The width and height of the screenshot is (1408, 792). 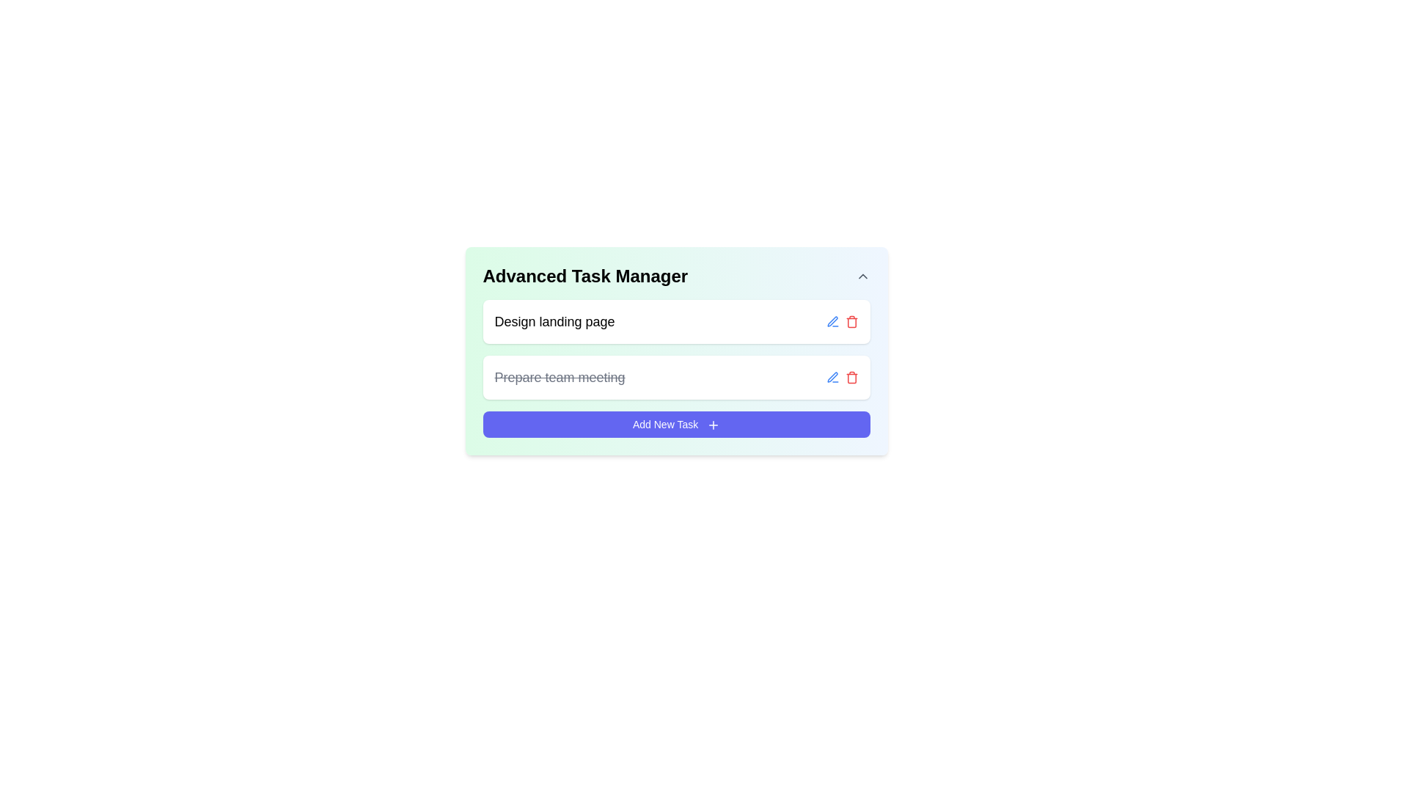 I want to click on to select the uppermost task entry in the 'Advanced Task Manager' section of the task list, so click(x=675, y=350).